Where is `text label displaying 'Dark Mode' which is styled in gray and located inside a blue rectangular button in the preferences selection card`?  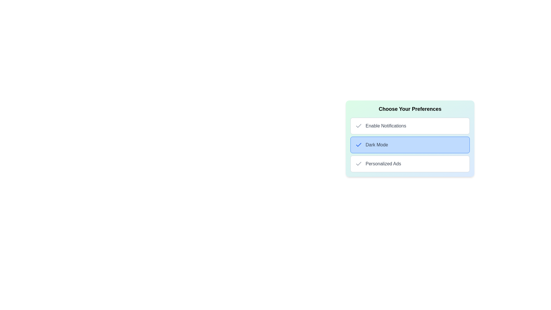 text label displaying 'Dark Mode' which is styled in gray and located inside a blue rectangular button in the preferences selection card is located at coordinates (377, 145).